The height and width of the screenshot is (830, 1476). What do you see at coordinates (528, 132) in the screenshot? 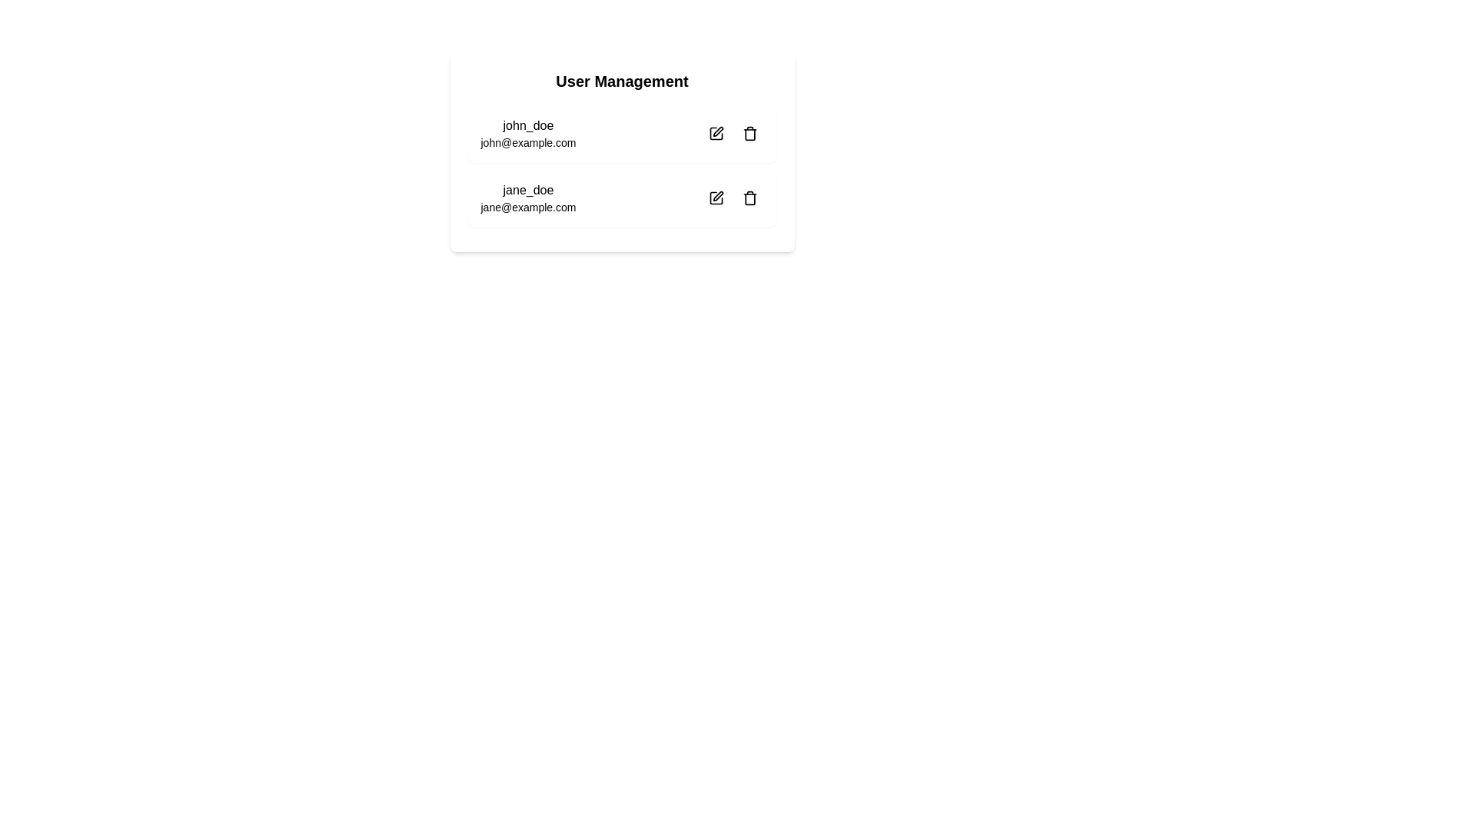
I see `on the username label 'john_doe' displayed in bold font at the top of the user management card` at bounding box center [528, 132].